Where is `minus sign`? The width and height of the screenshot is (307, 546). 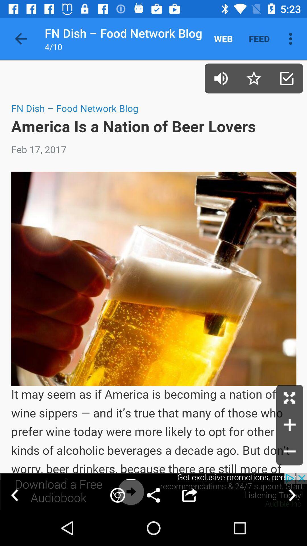
minus sign is located at coordinates (290, 452).